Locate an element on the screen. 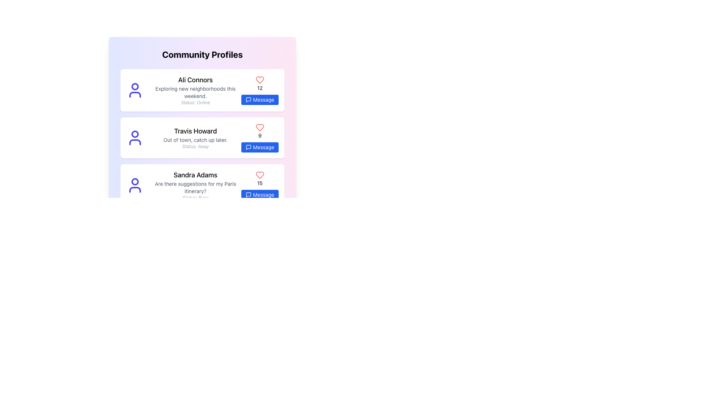 The height and width of the screenshot is (395, 703). the italicized text label reading 'Status: Busy' in muted gray color, located beneath the user's query about Paris itinerary is located at coordinates (195, 197).